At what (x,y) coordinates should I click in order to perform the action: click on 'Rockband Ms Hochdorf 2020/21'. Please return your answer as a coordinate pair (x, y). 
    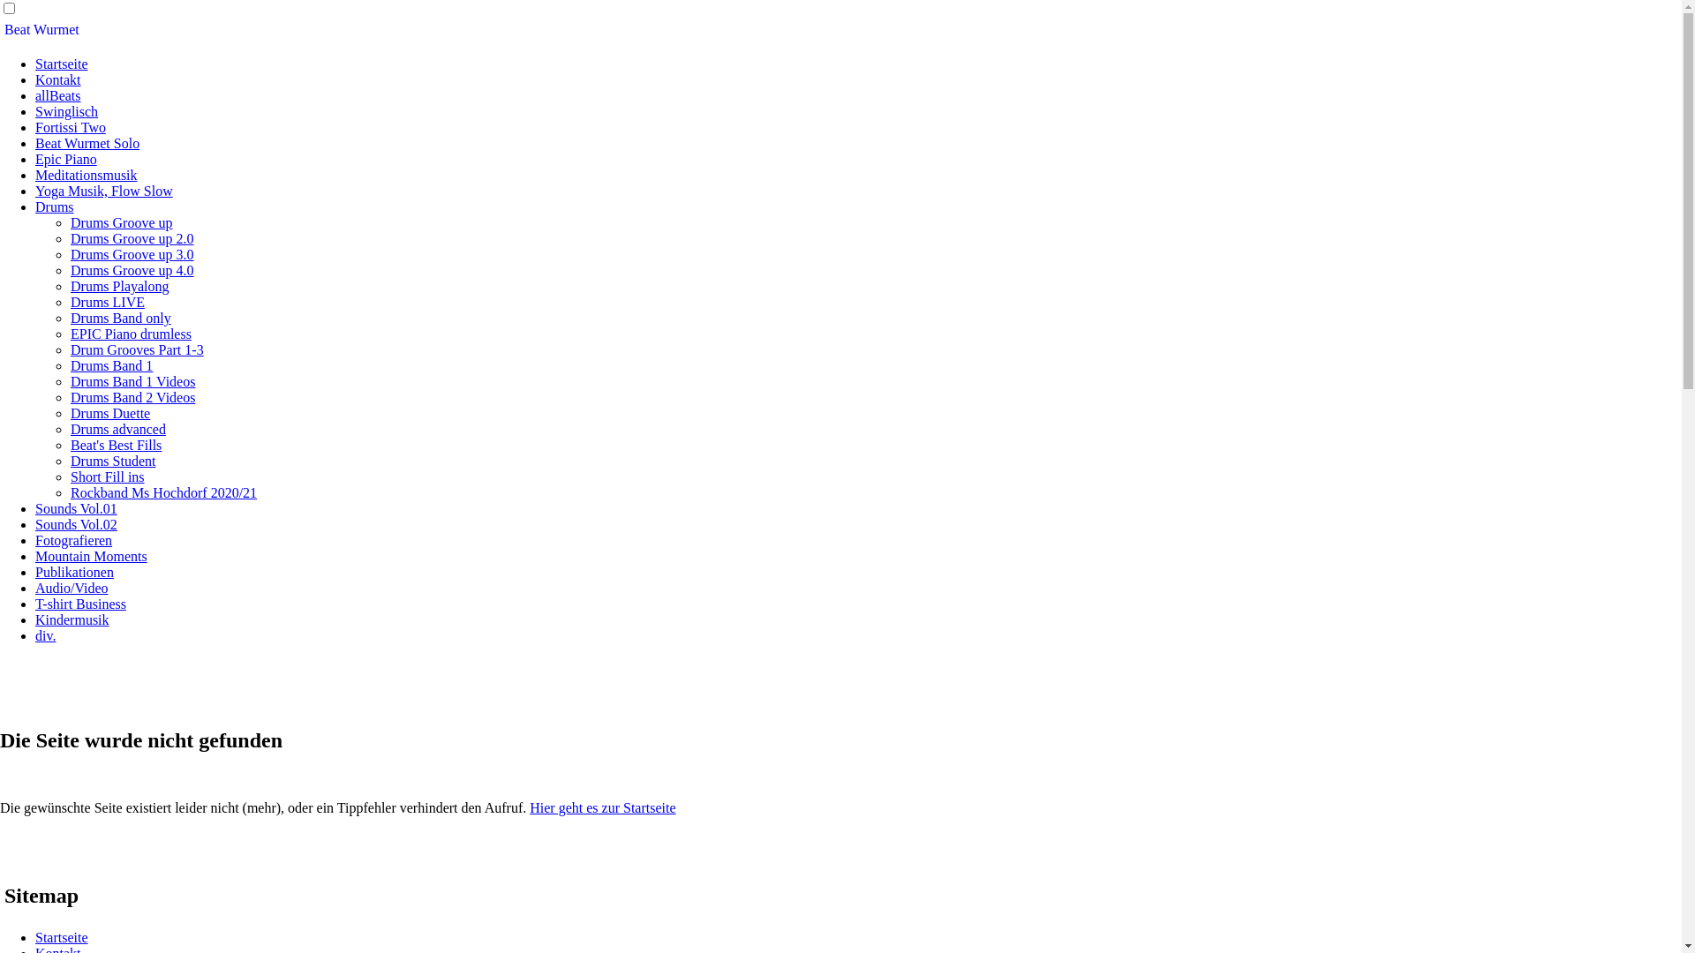
    Looking at the image, I should click on (71, 492).